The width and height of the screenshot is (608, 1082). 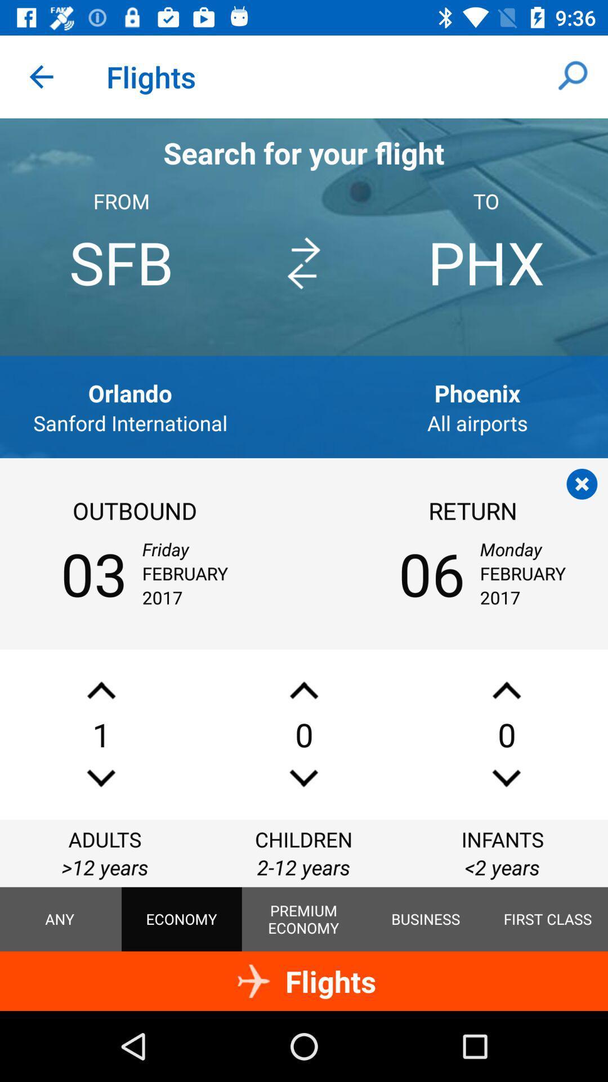 I want to click on decrease number, so click(x=304, y=778).